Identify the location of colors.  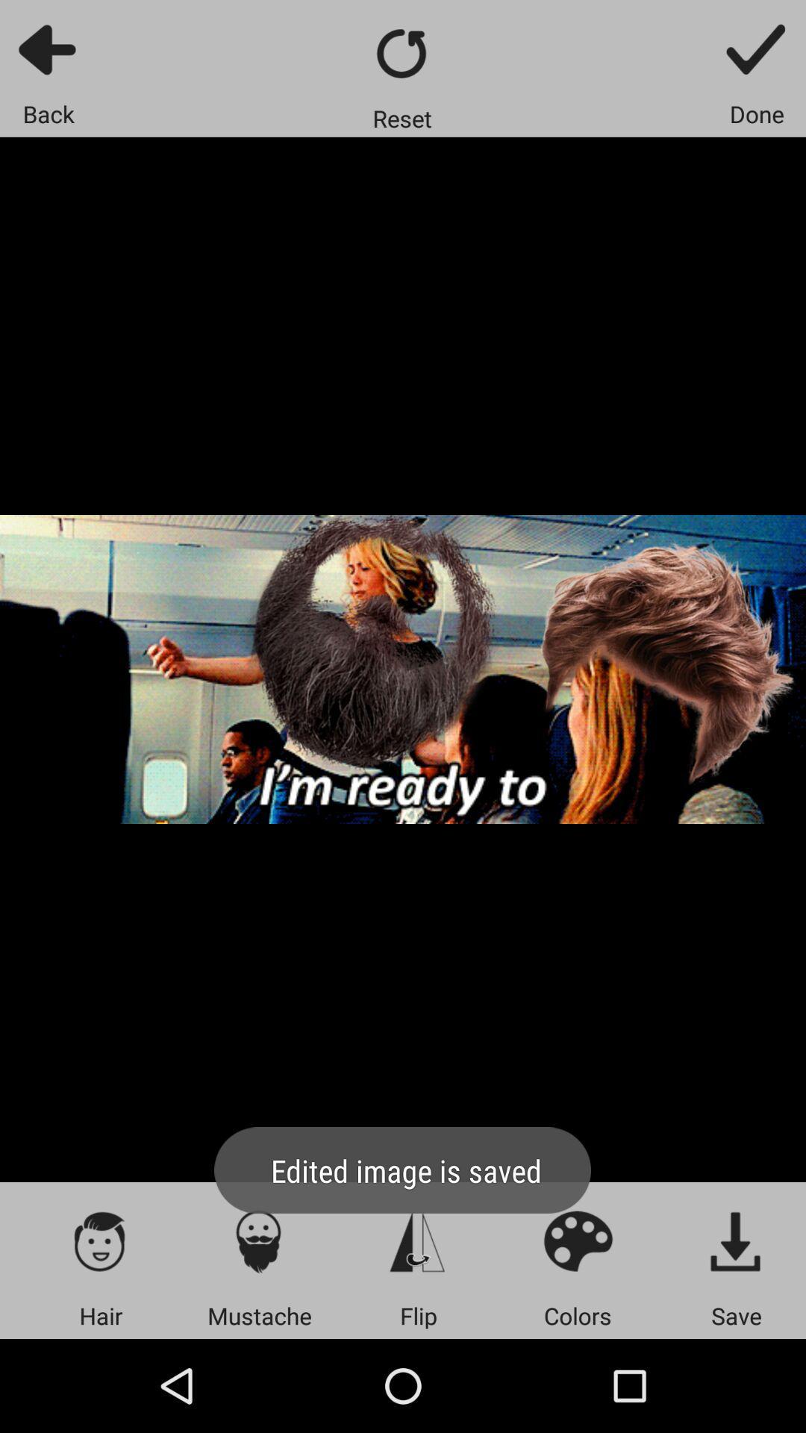
(577, 1240).